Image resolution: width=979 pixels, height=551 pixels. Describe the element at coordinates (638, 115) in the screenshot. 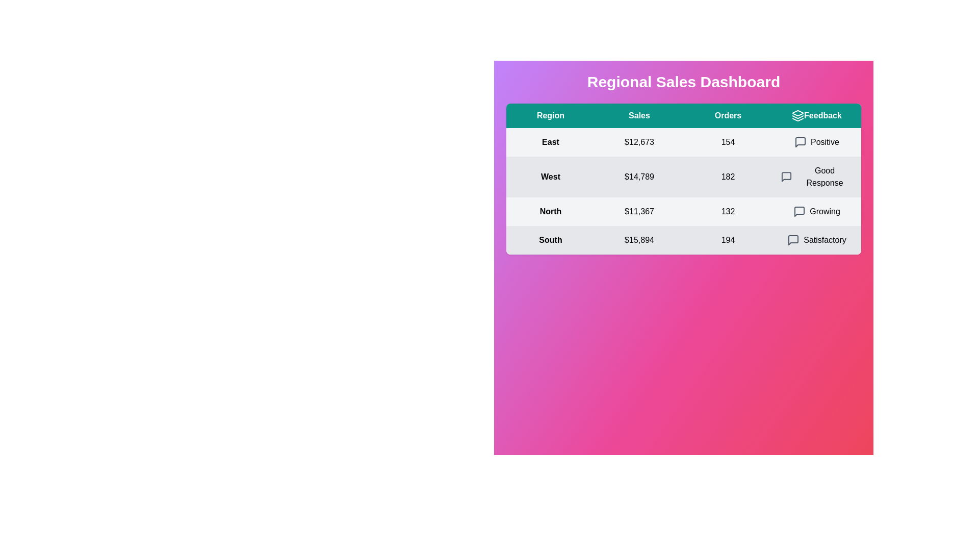

I see `the text in the table header Sales` at that location.